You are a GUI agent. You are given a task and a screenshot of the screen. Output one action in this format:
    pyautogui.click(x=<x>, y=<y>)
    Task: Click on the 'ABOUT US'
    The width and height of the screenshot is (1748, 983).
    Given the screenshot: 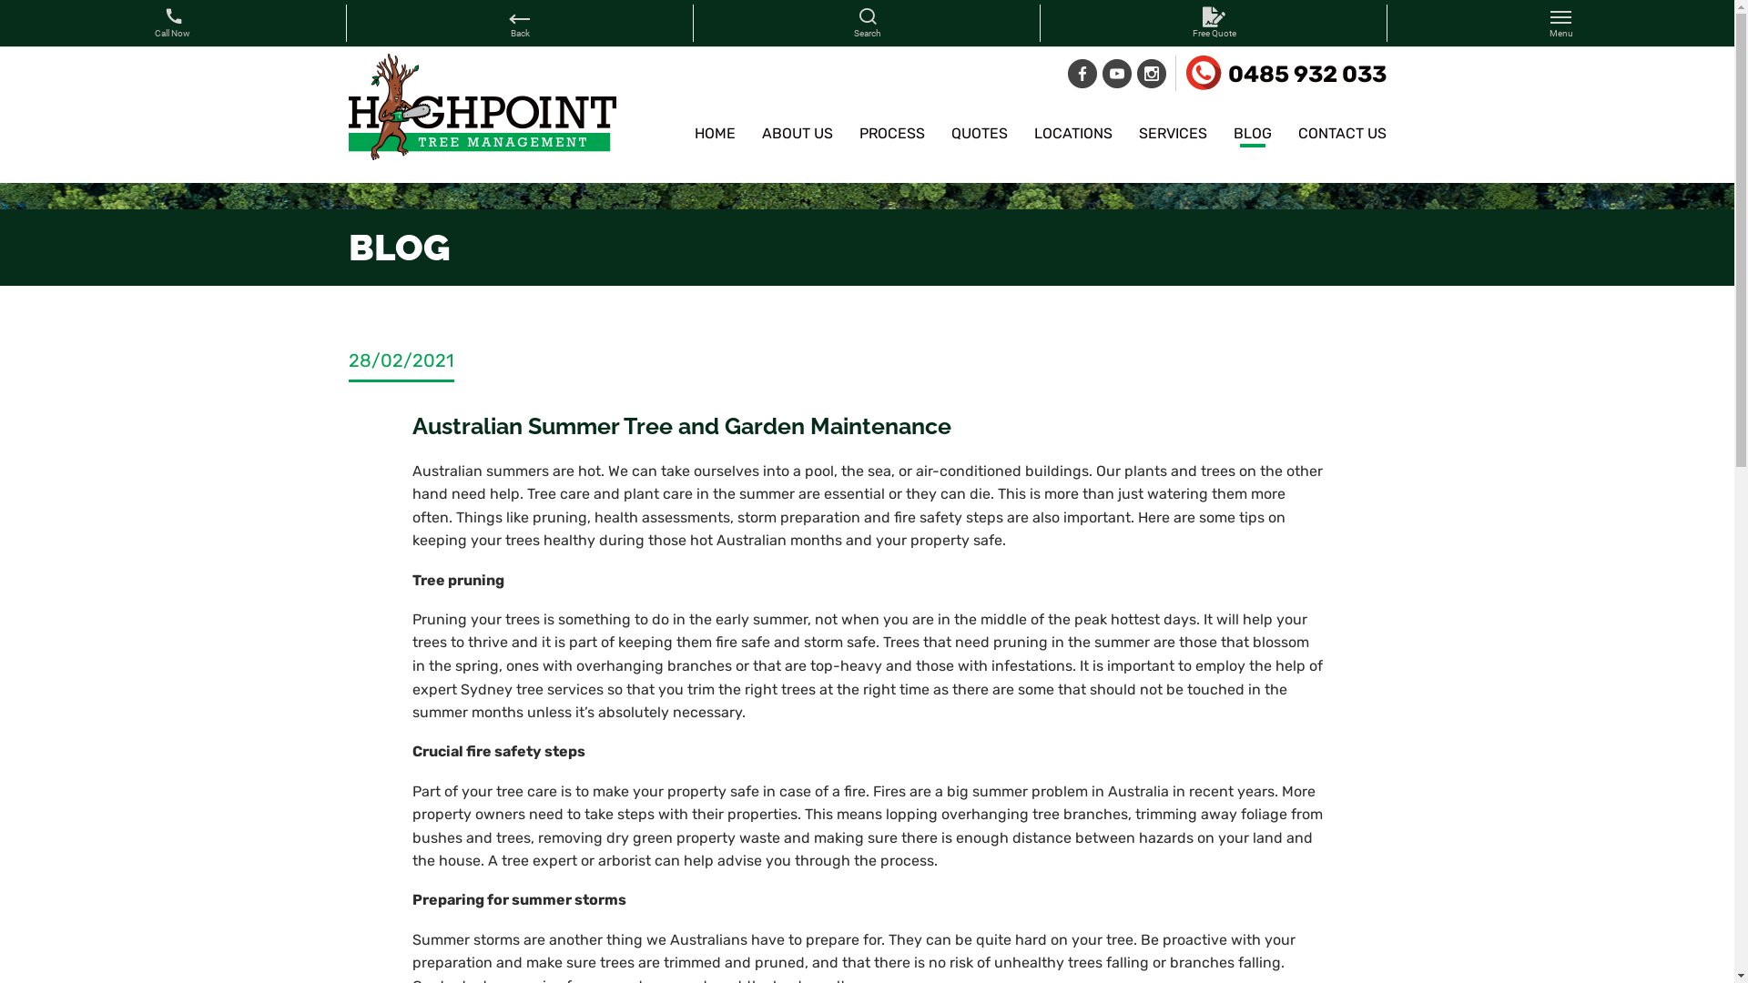 What is the action you would take?
    pyautogui.click(x=796, y=135)
    